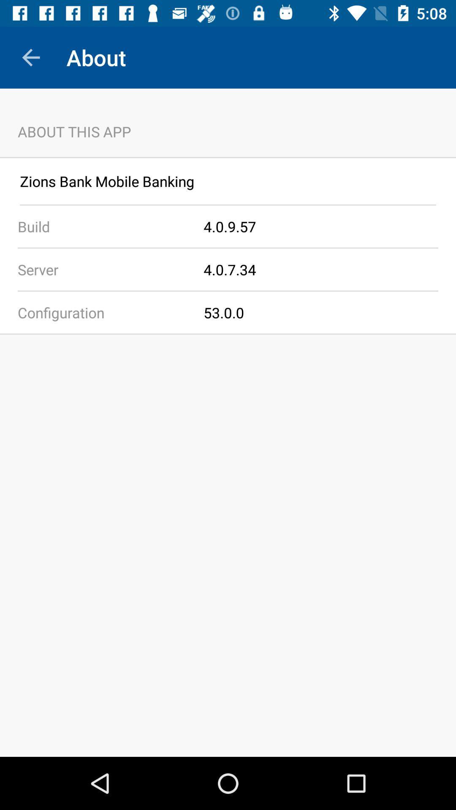 Image resolution: width=456 pixels, height=810 pixels. Describe the element at coordinates (101, 227) in the screenshot. I see `build app` at that location.